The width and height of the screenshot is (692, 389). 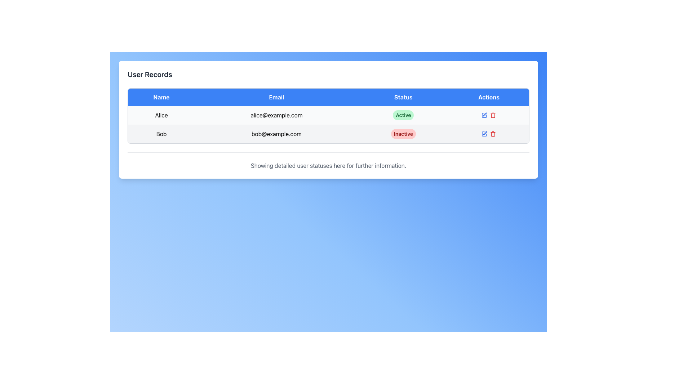 What do you see at coordinates (403, 115) in the screenshot?
I see `the Status indicator badge, a green pill-shaped label with the text 'Active' in bold green font, positioned in the third column of the first row of the table` at bounding box center [403, 115].